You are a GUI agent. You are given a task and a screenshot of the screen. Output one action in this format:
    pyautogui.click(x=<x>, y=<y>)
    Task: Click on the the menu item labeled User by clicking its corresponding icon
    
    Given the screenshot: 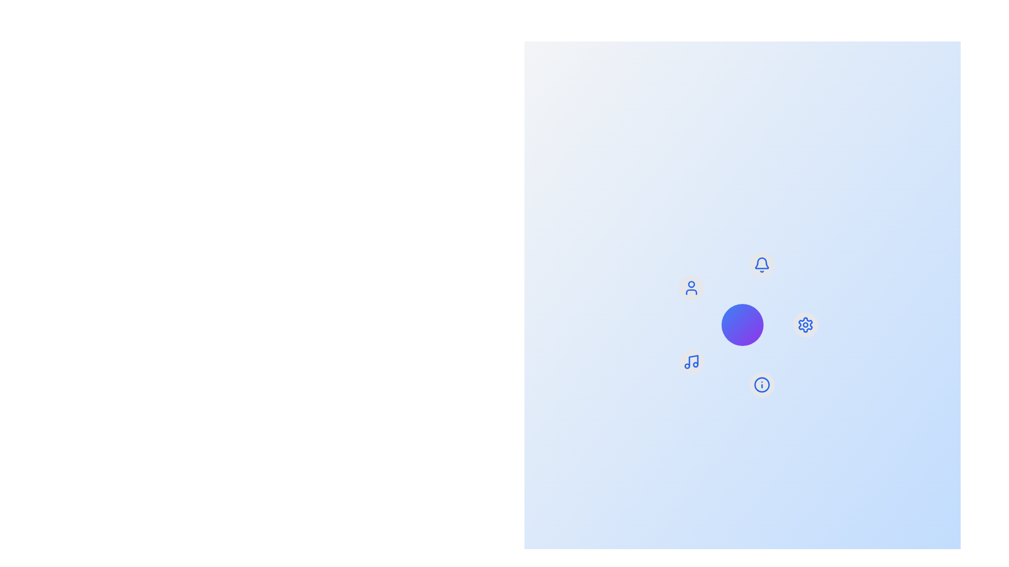 What is the action you would take?
    pyautogui.click(x=691, y=287)
    